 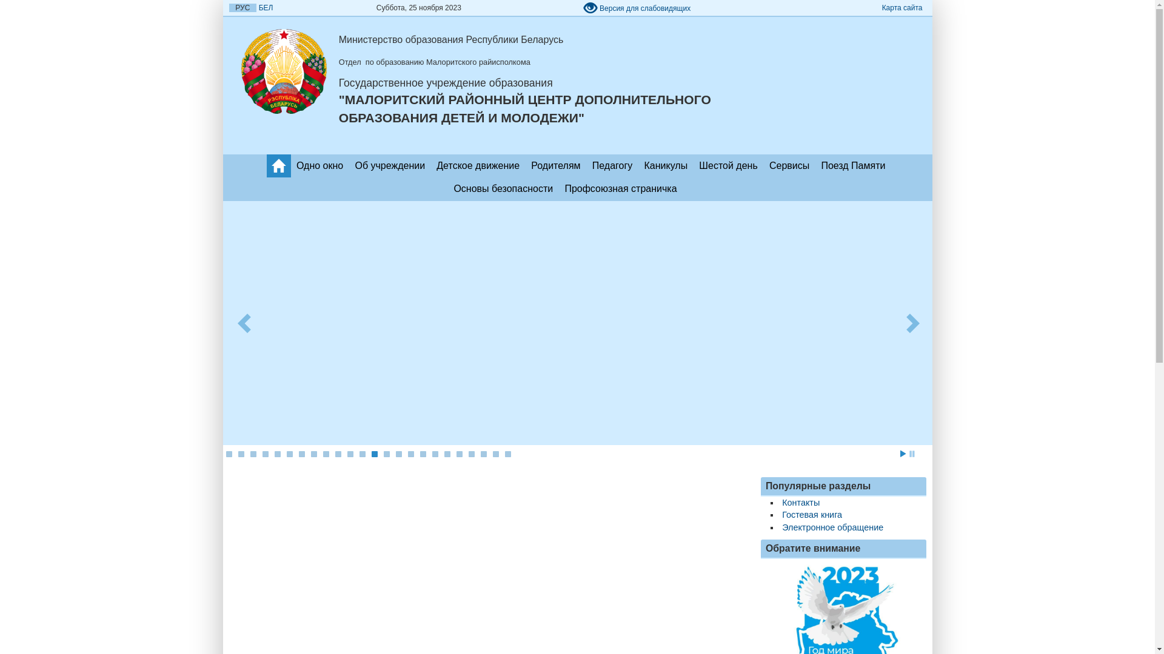 What do you see at coordinates (301, 454) in the screenshot?
I see `'7'` at bounding box center [301, 454].